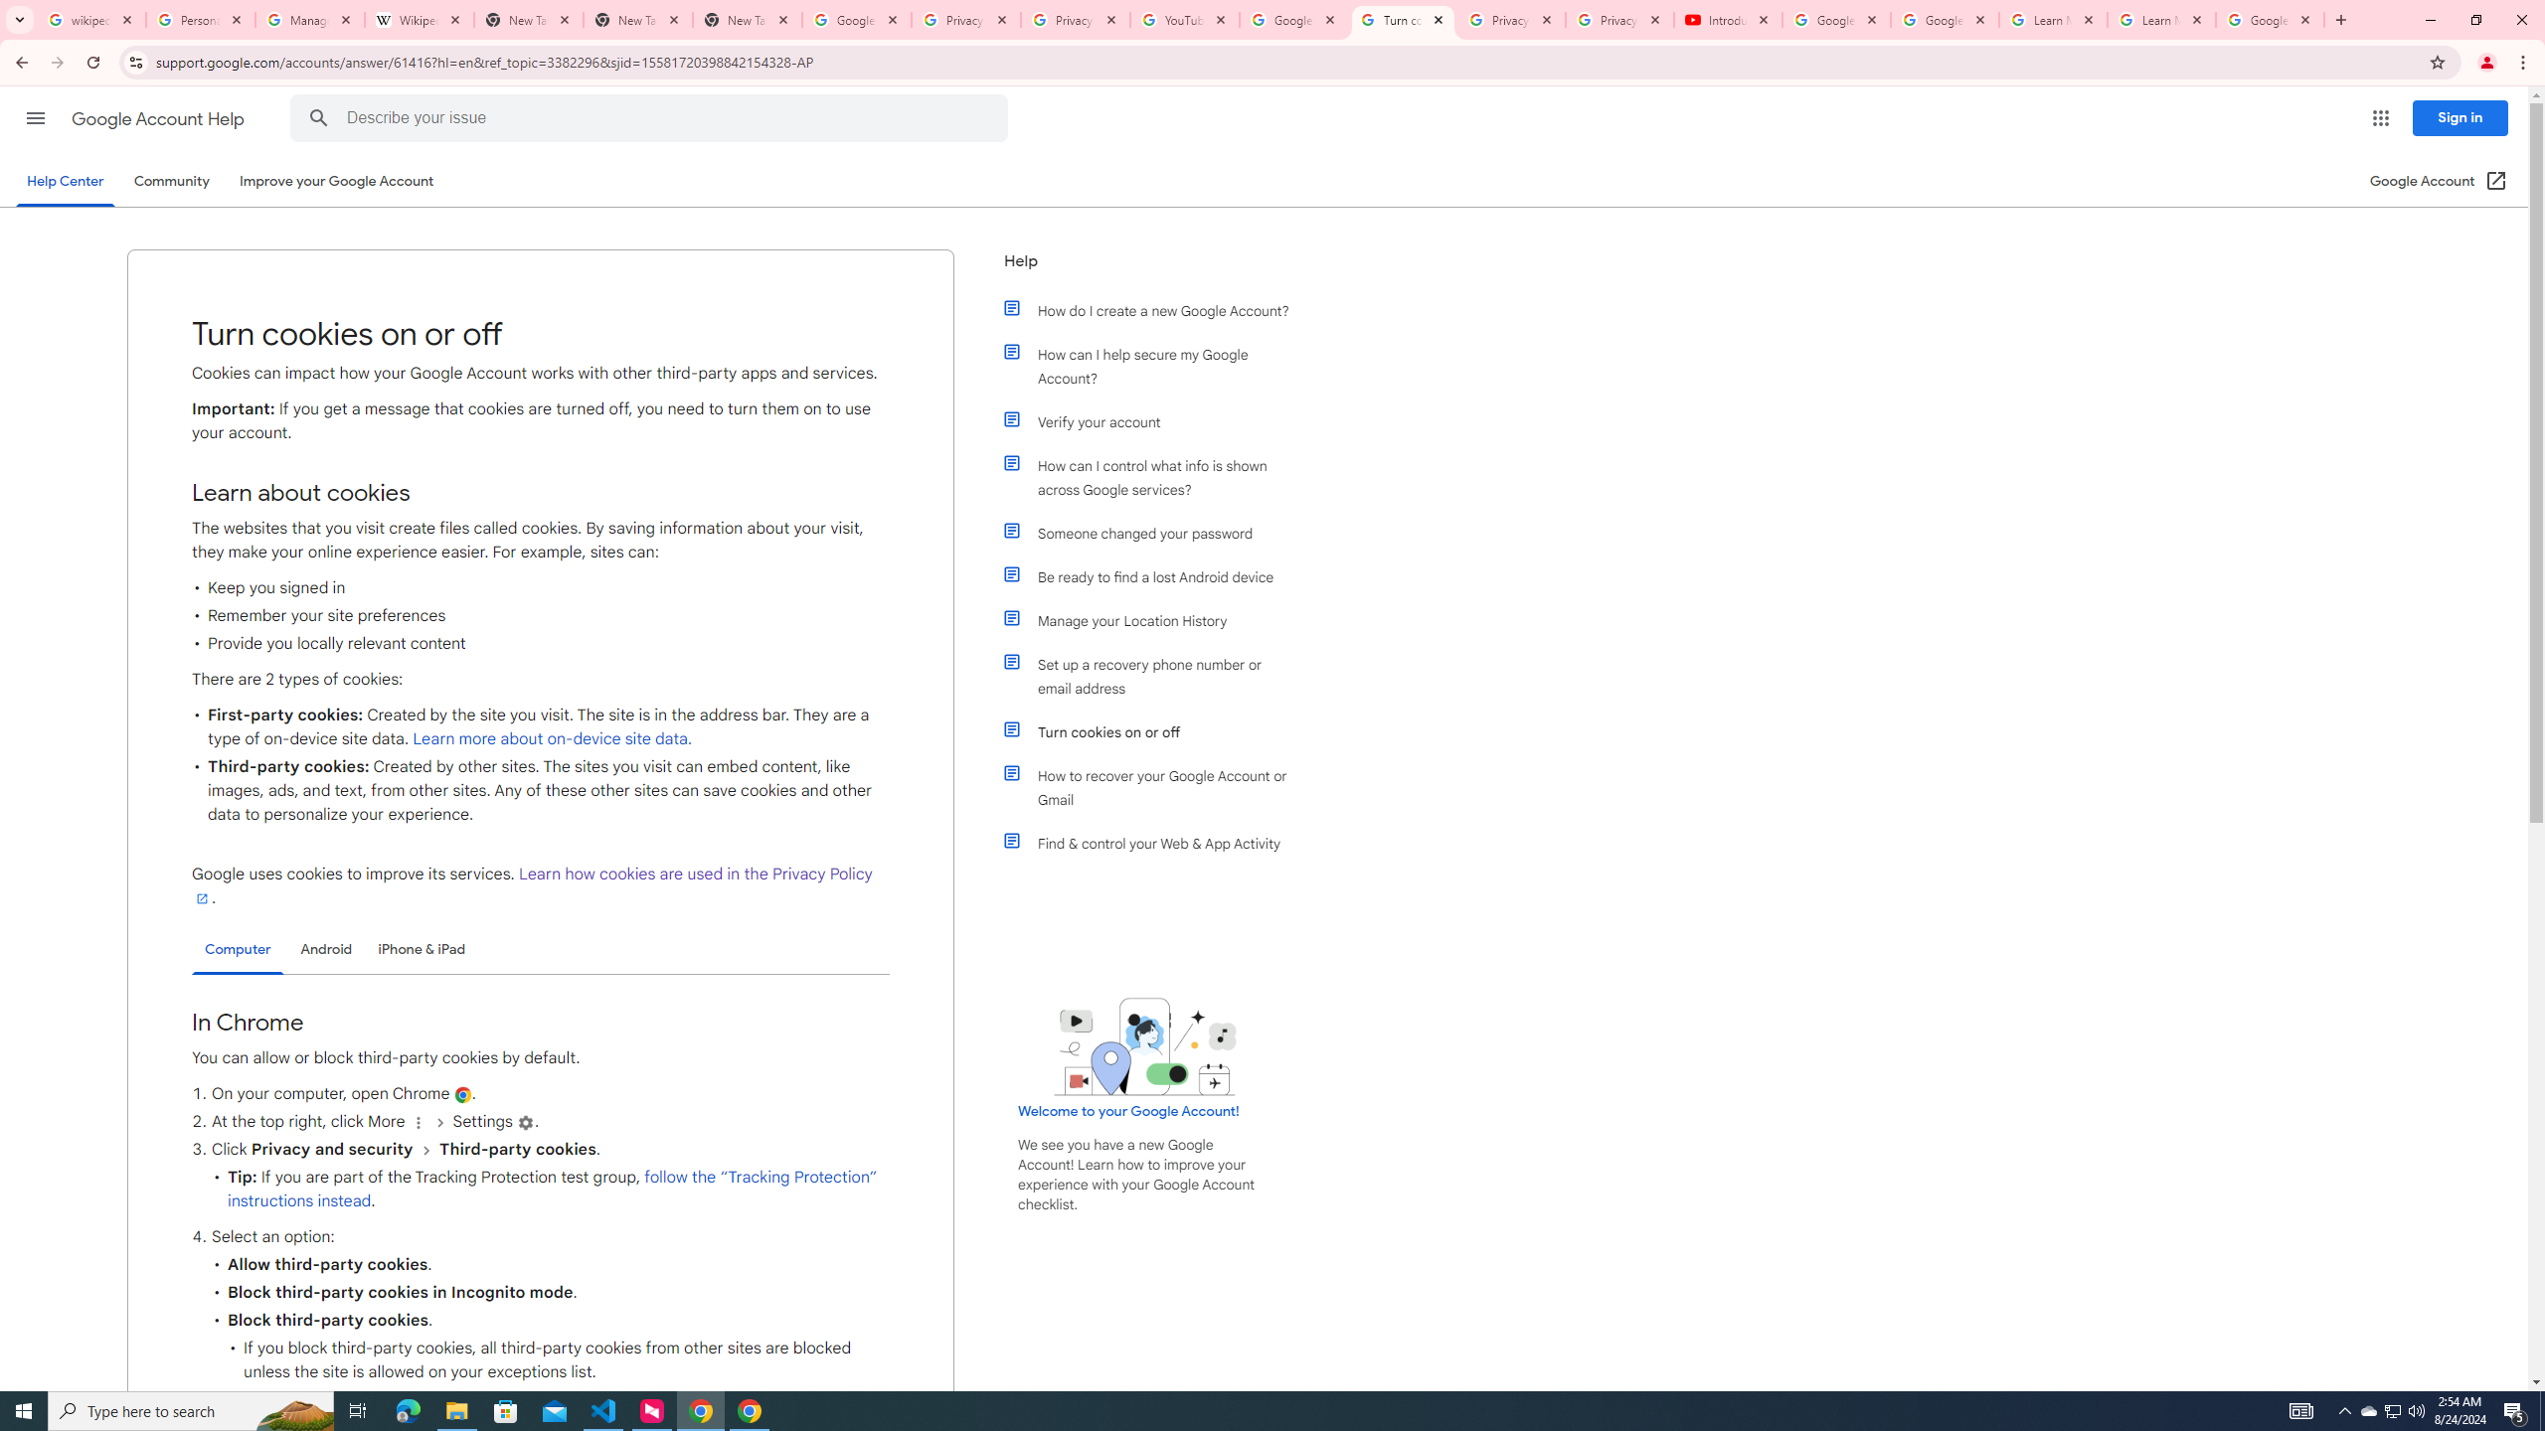 This screenshot has height=1431, width=2545. What do you see at coordinates (1155, 677) in the screenshot?
I see `'Set up a recovery phone number or email address'` at bounding box center [1155, 677].